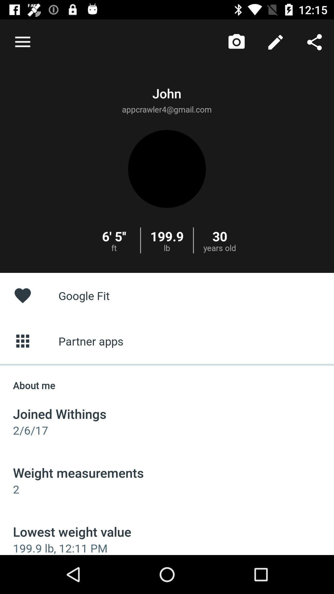 The width and height of the screenshot is (334, 594). Describe the element at coordinates (167, 295) in the screenshot. I see `google fit item` at that location.